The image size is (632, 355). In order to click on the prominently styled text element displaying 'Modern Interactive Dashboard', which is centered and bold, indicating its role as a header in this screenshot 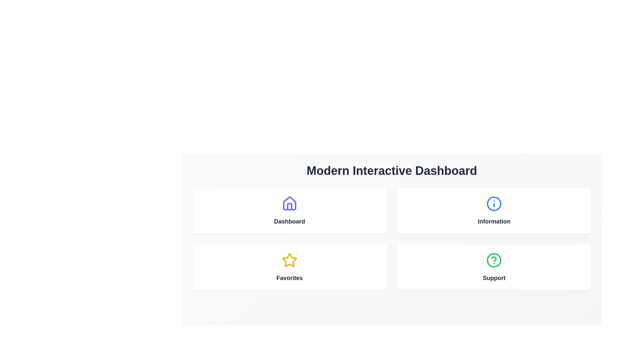, I will do `click(392, 171)`.